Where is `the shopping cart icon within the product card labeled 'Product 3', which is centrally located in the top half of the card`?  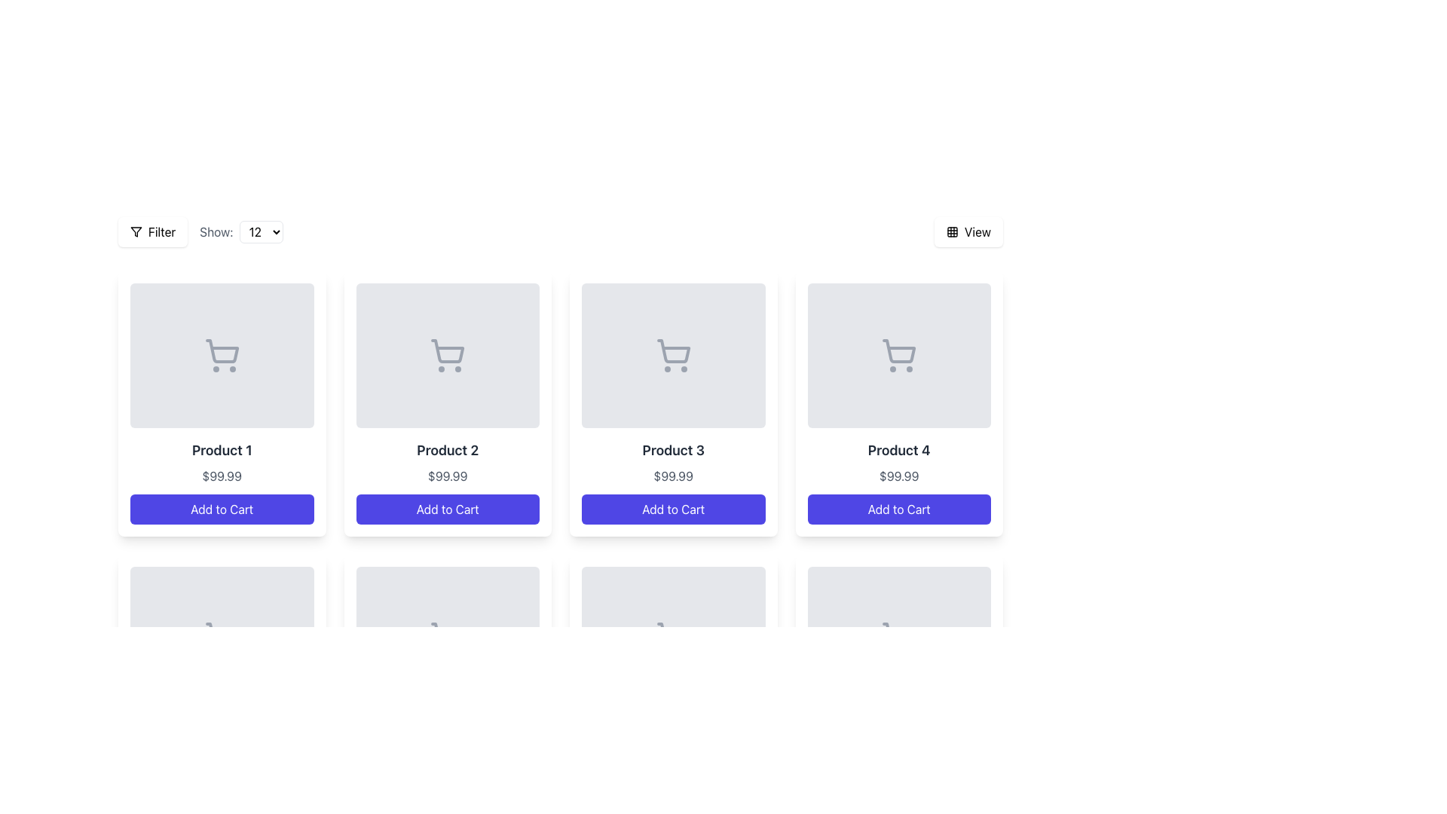 the shopping cart icon within the product card labeled 'Product 3', which is centrally located in the top half of the card is located at coordinates (672, 355).